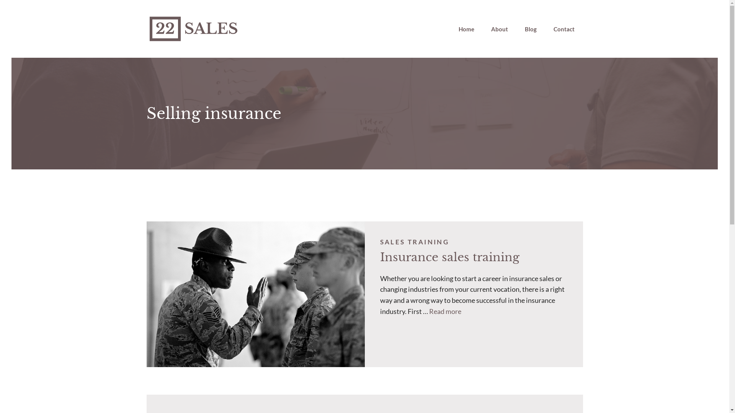  What do you see at coordinates (499, 29) in the screenshot?
I see `'About'` at bounding box center [499, 29].